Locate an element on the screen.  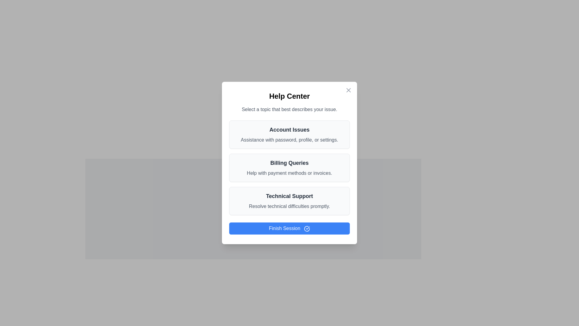
properties of the smaller intersecting line within the 'X' icon located at the top-right corner of the dialog box is located at coordinates (349, 90).